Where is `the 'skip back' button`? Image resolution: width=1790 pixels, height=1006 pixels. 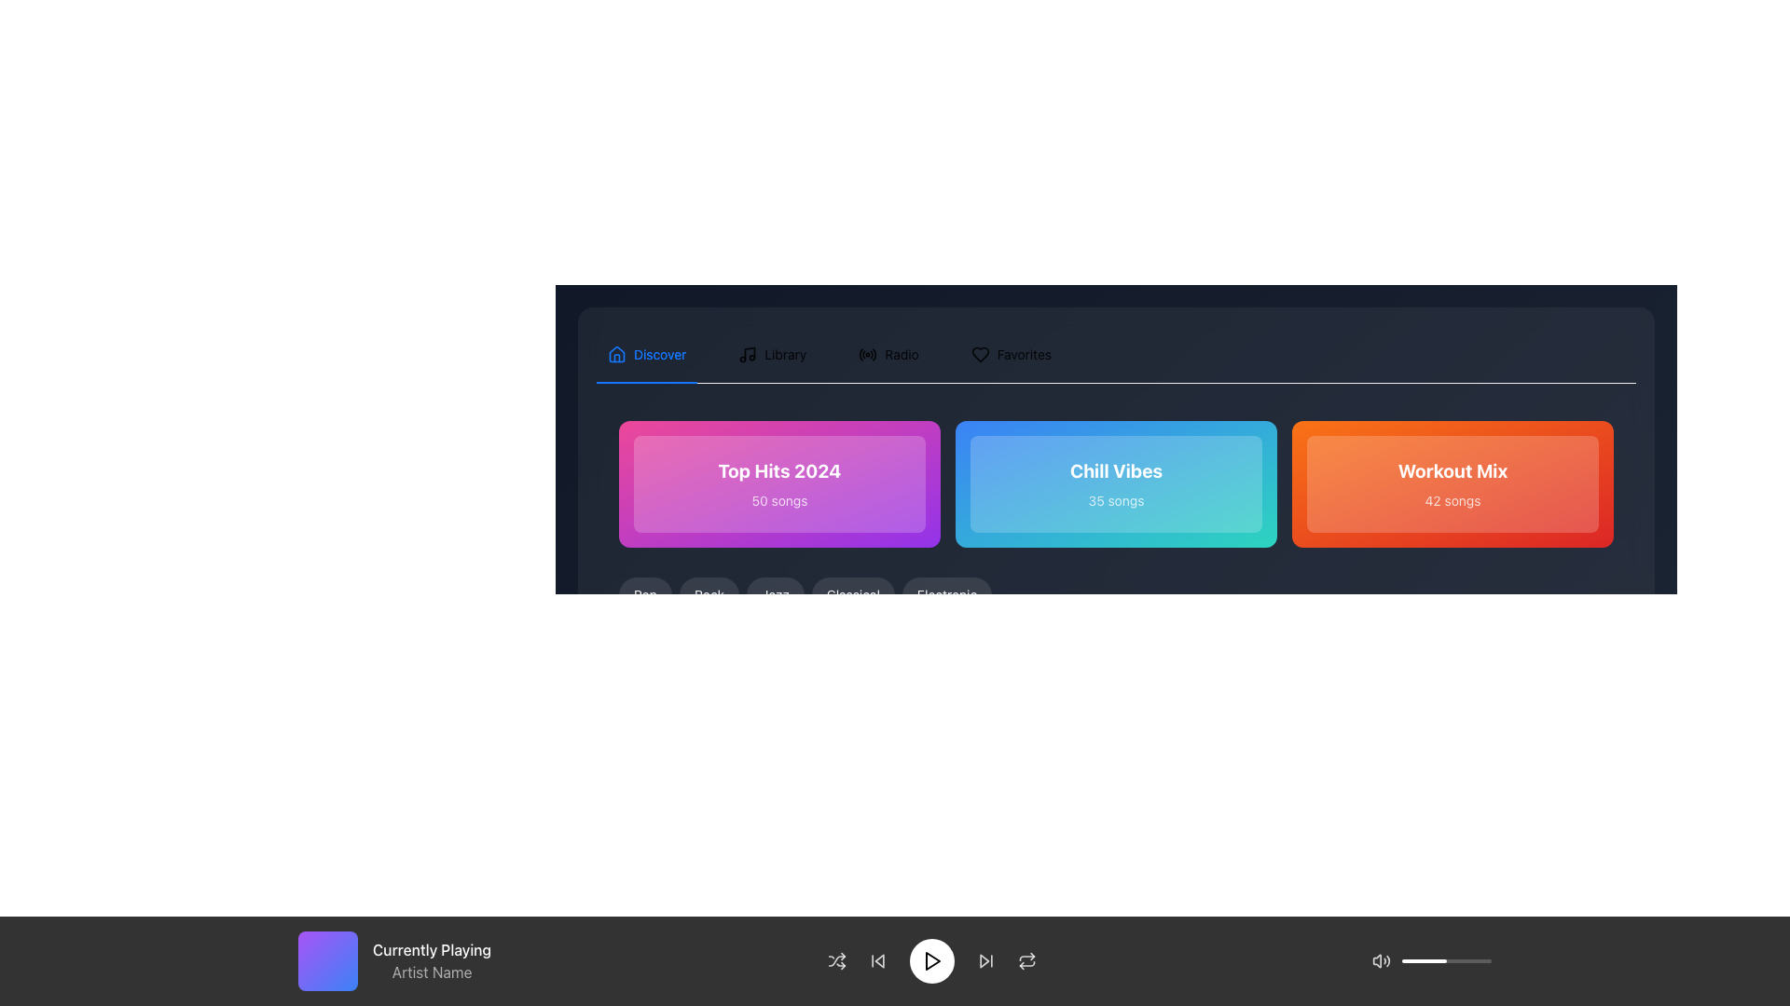
the 'skip back' button is located at coordinates (878, 961).